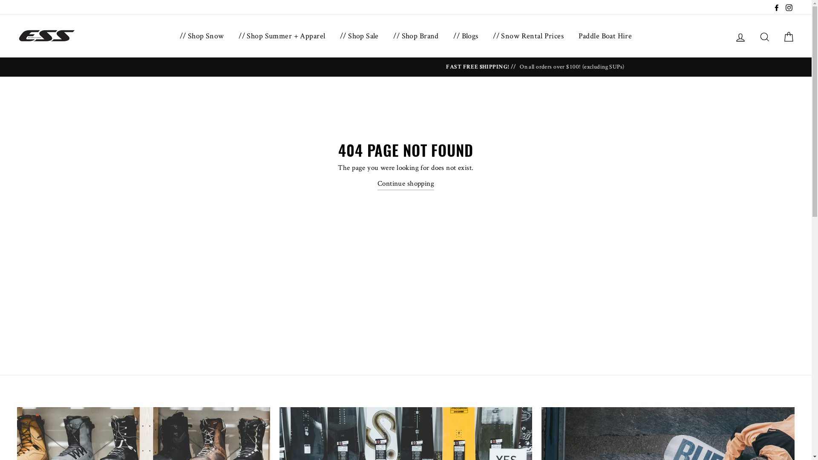 This screenshot has height=460, width=818. Describe the element at coordinates (465, 35) in the screenshot. I see `'// Blogs'` at that location.